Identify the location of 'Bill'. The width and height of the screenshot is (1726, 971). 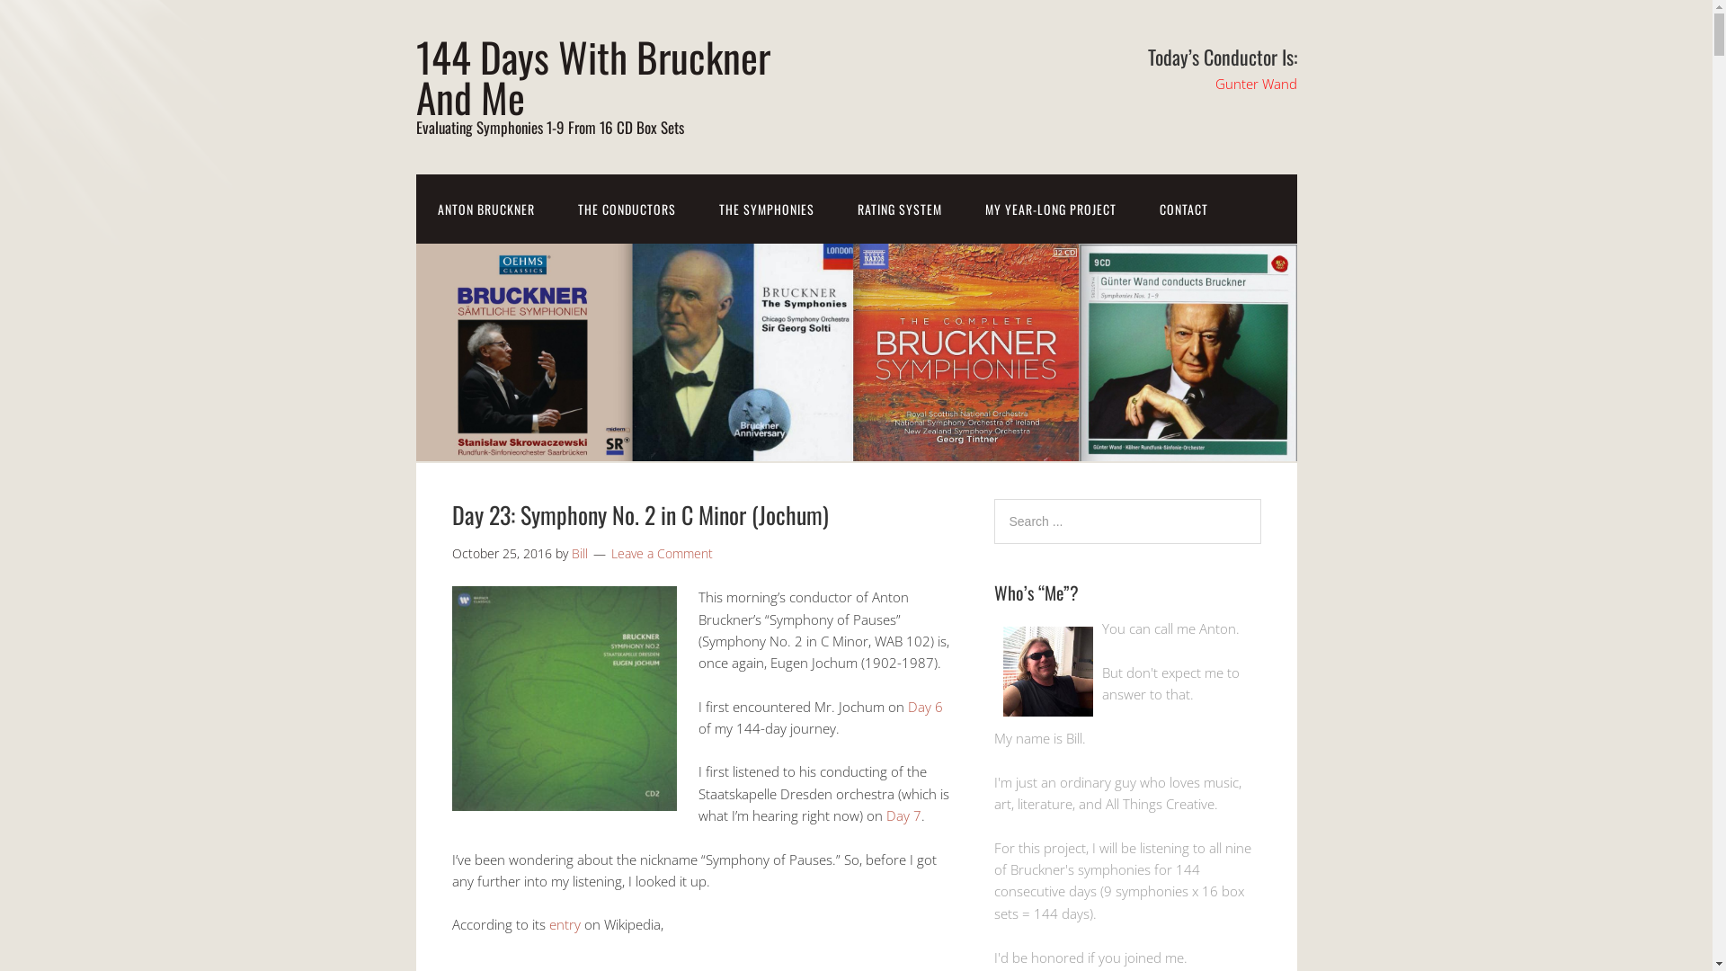
(579, 552).